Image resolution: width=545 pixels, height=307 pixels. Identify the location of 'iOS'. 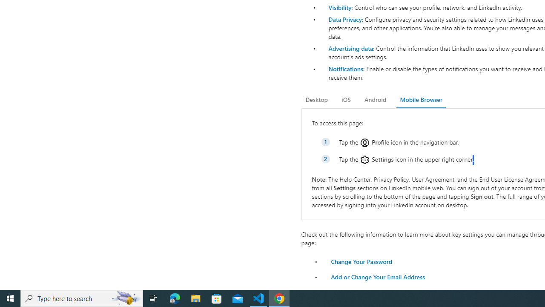
(346, 99).